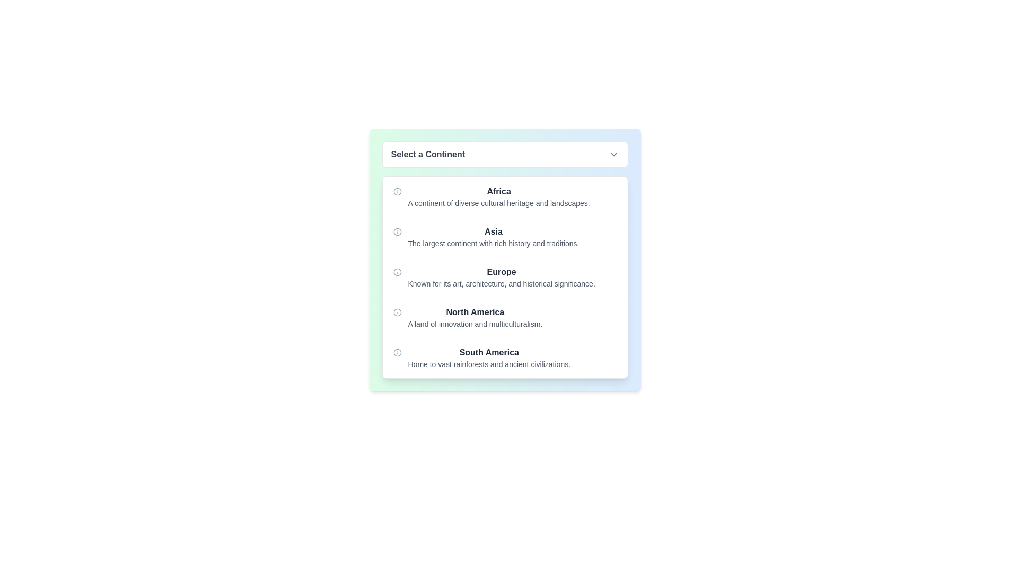  What do you see at coordinates (397, 192) in the screenshot?
I see `the circular information icon, which is grey and outlined, located to the left of the text labeled 'Africa'` at bounding box center [397, 192].